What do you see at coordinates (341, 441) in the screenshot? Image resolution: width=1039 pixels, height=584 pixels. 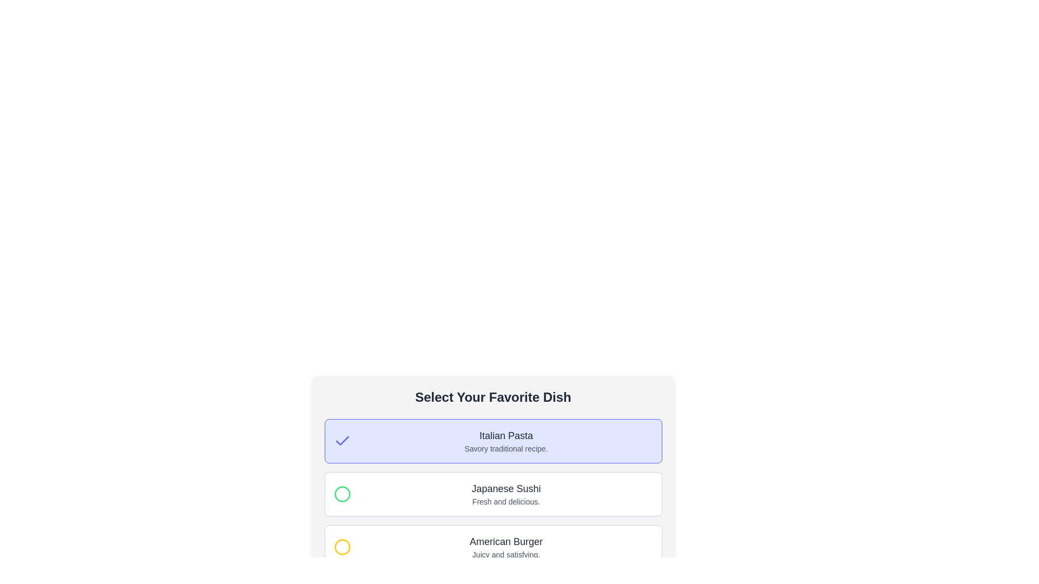 I see `the icon indicating that 'Italian Pasta' is selected, which is located within the topmost card of the vertical list of dish options` at bounding box center [341, 441].